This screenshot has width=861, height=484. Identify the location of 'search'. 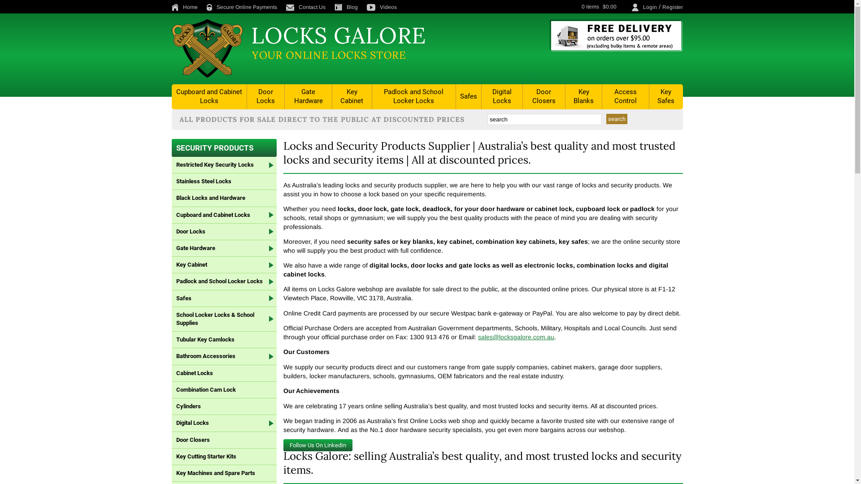
(616, 118).